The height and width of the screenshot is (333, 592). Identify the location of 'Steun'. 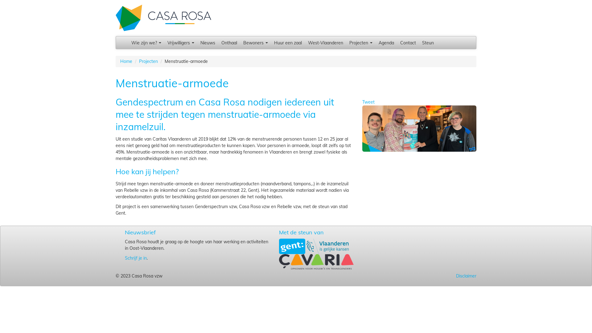
(427, 42).